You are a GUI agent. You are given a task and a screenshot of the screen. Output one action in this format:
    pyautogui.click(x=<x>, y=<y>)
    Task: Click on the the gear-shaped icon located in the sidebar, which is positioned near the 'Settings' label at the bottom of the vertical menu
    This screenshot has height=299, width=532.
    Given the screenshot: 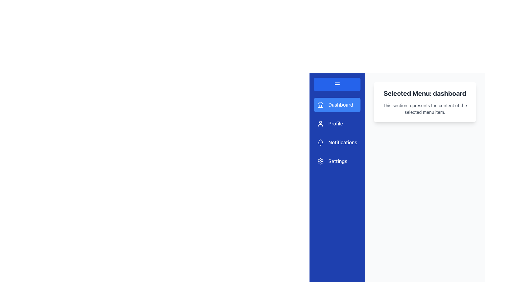 What is the action you would take?
    pyautogui.click(x=320, y=161)
    